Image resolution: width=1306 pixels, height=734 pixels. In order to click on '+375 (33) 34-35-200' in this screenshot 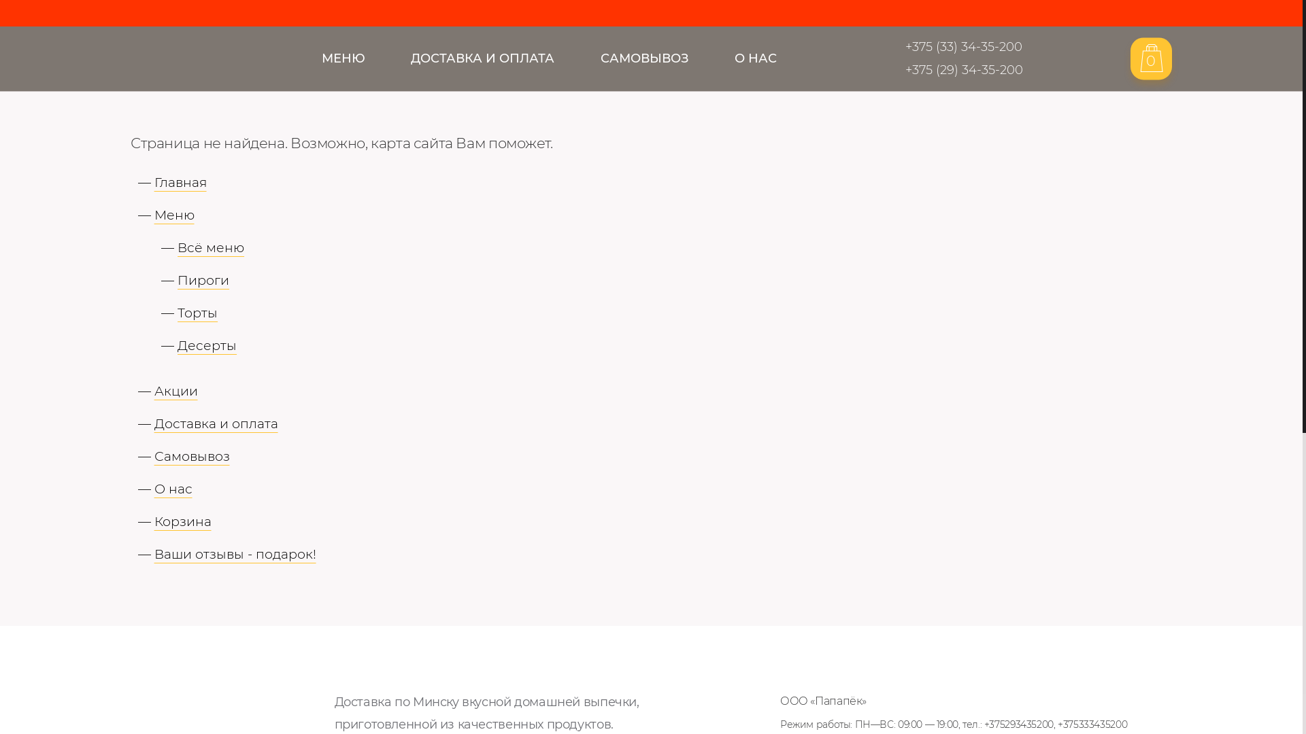, I will do `click(952, 46)`.